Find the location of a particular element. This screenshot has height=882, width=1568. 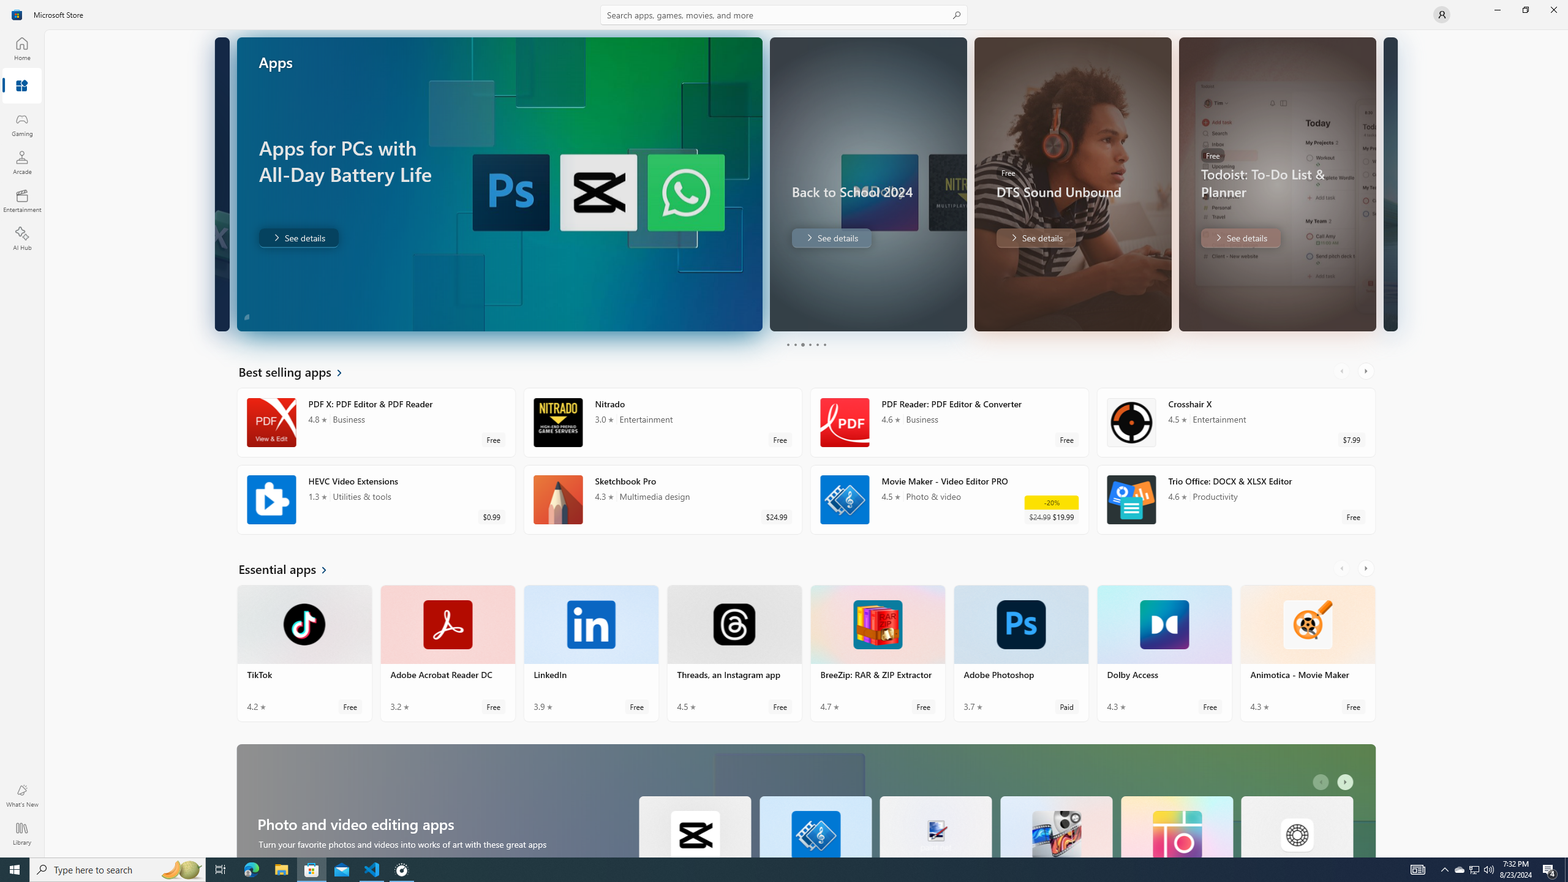

'Pager' is located at coordinates (805, 344).